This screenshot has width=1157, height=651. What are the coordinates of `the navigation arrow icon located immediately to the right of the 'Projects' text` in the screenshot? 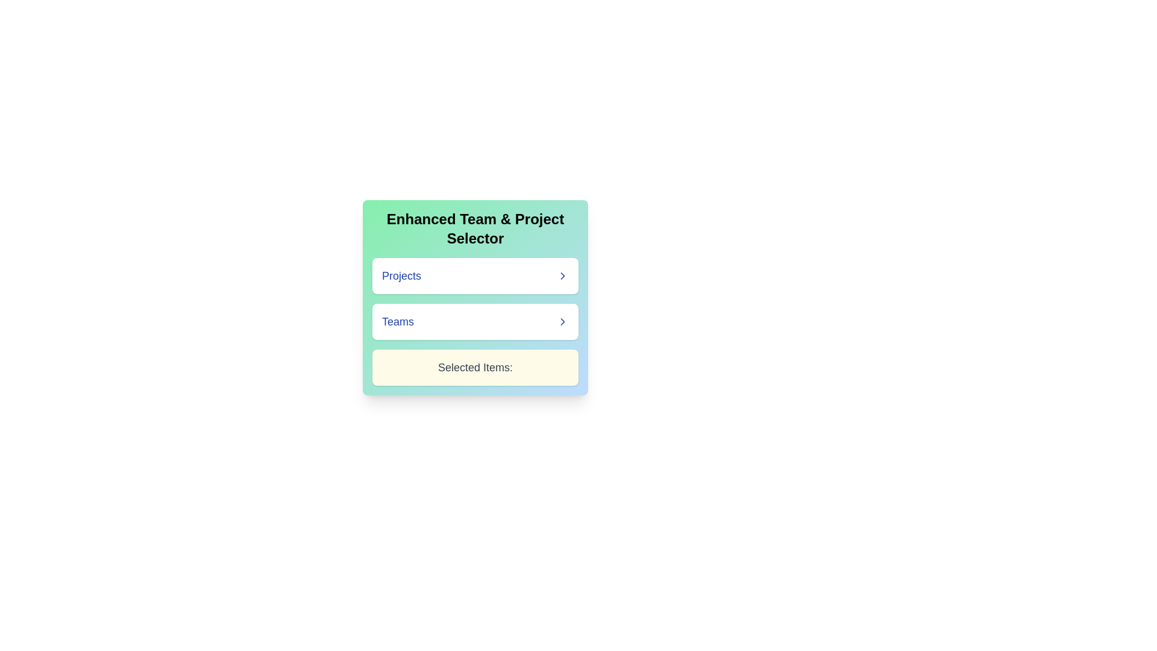 It's located at (562, 276).